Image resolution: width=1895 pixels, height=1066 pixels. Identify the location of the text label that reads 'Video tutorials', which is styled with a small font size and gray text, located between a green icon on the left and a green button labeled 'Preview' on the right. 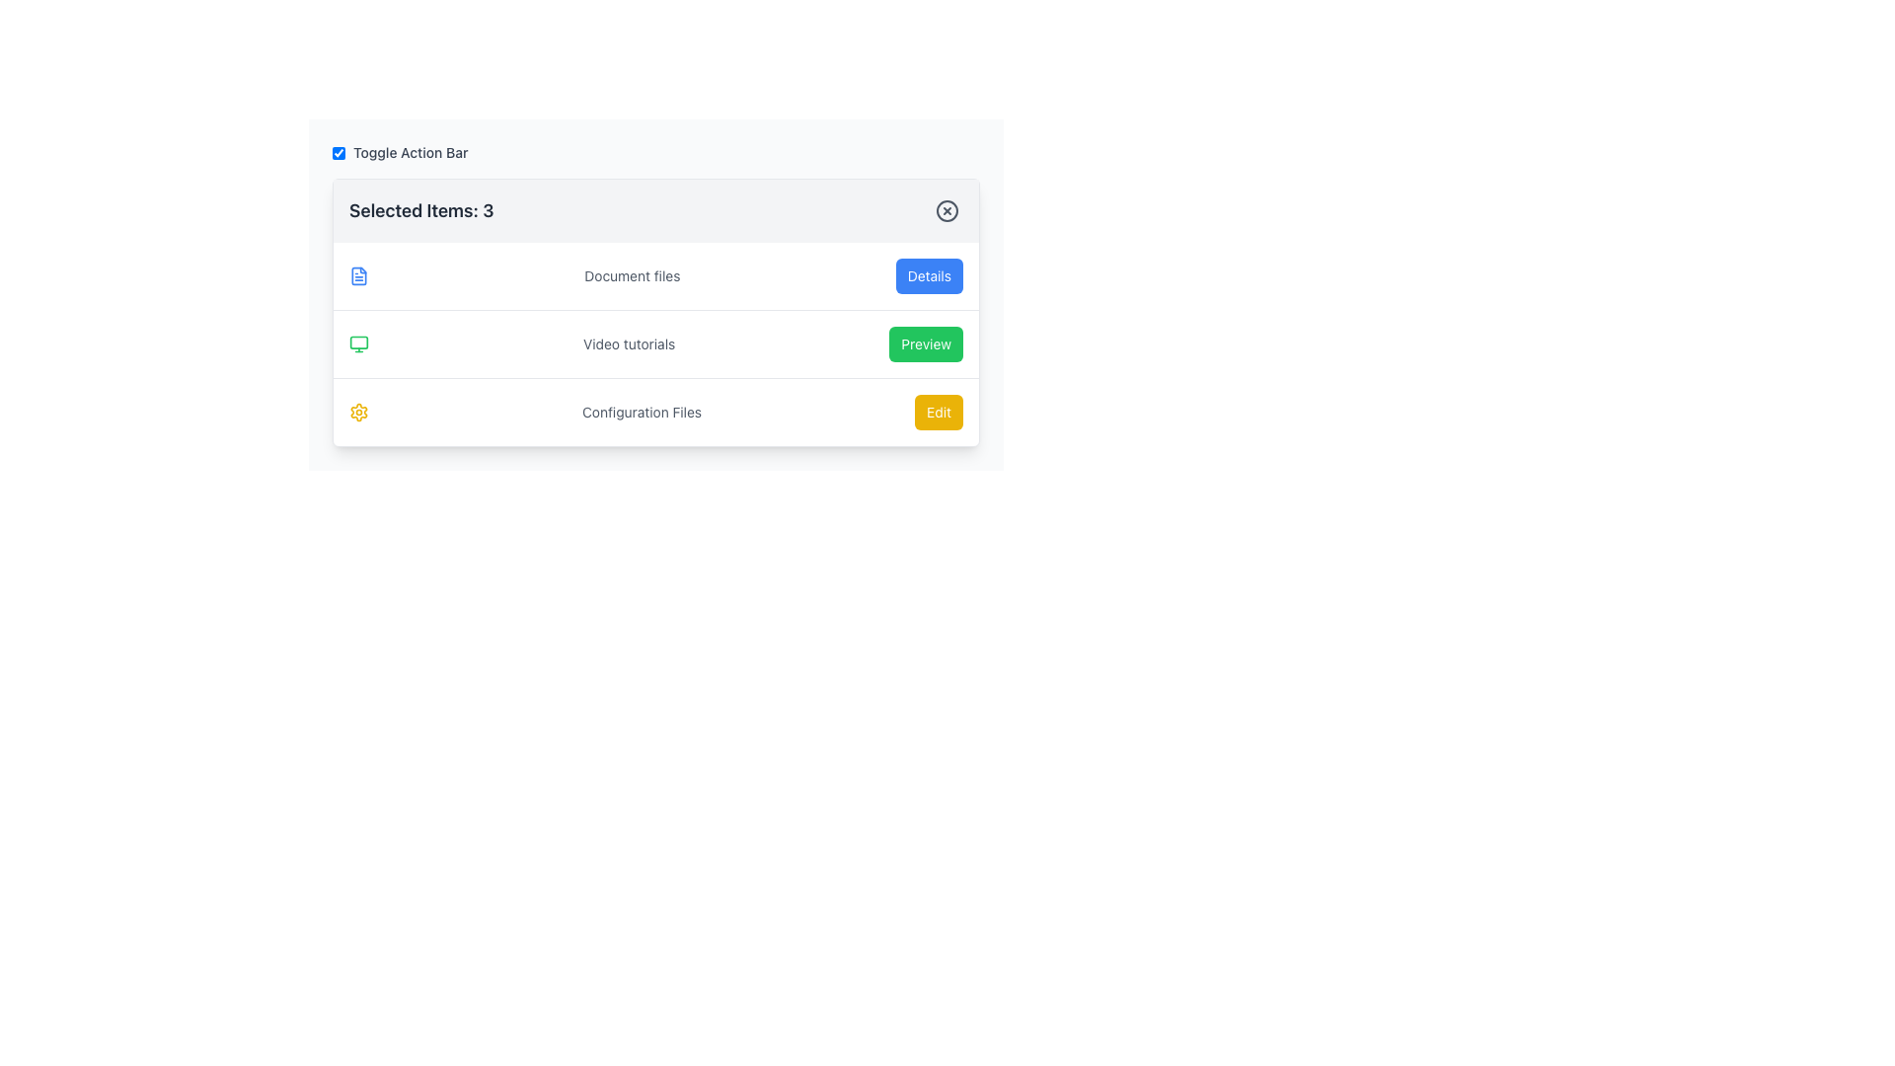
(628, 343).